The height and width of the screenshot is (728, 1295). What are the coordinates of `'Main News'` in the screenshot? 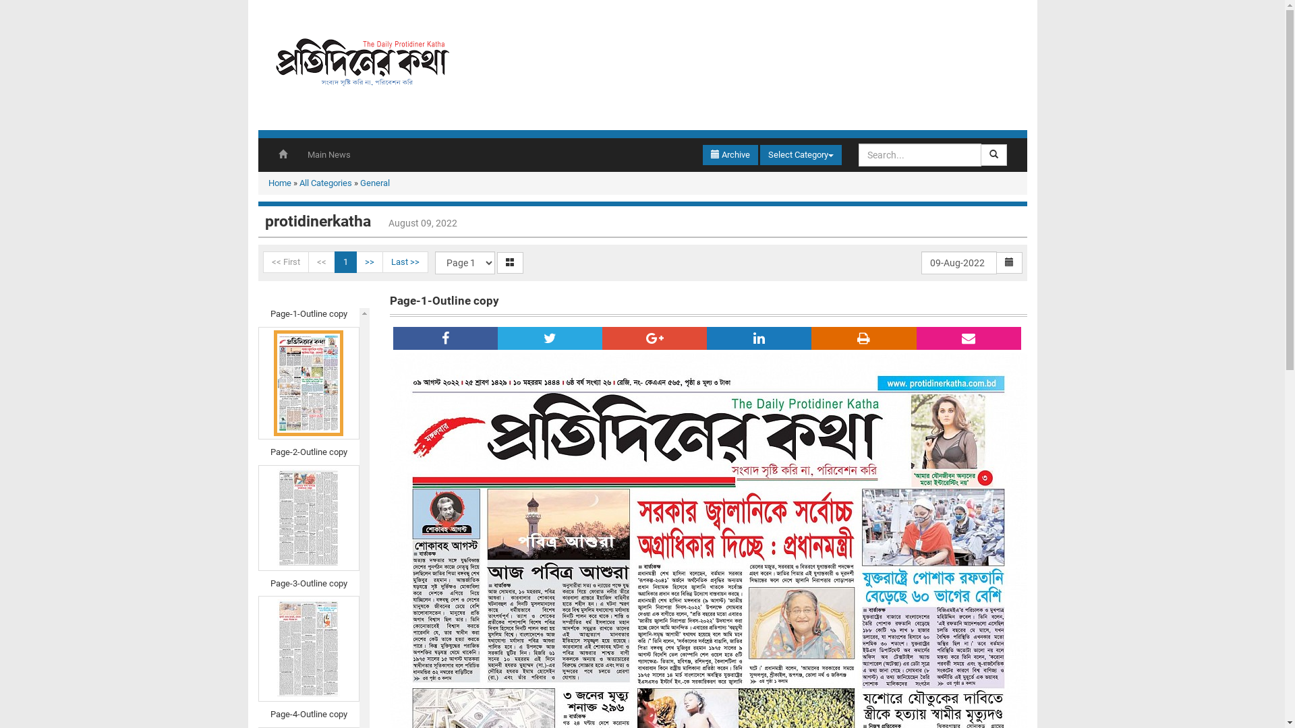 It's located at (328, 154).